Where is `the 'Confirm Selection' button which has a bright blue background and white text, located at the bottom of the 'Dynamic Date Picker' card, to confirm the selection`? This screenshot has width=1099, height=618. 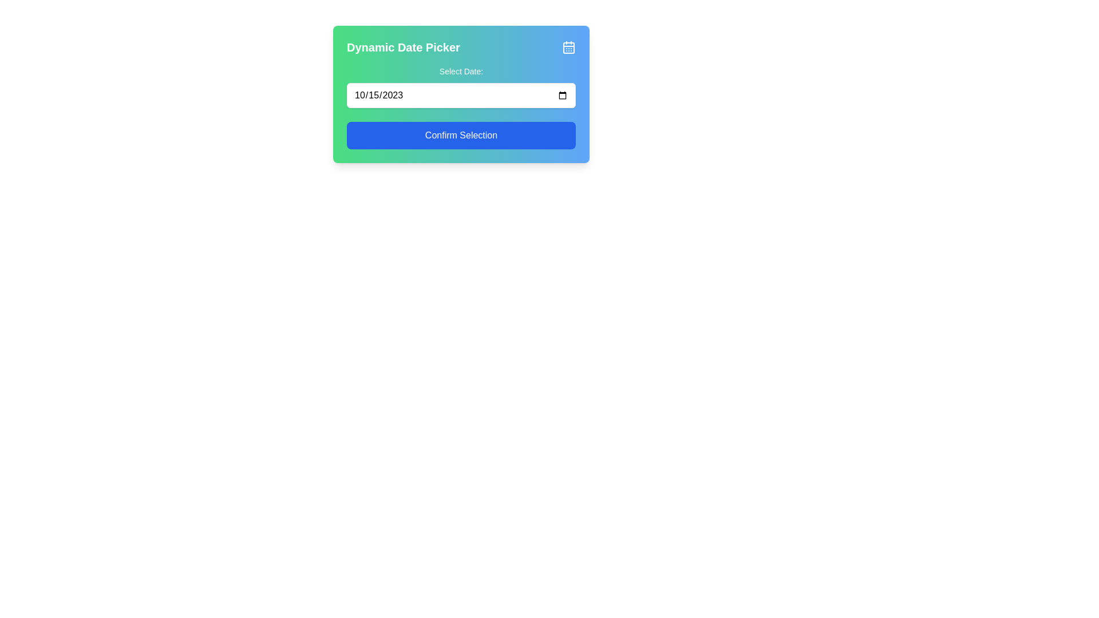 the 'Confirm Selection' button which has a bright blue background and white text, located at the bottom of the 'Dynamic Date Picker' card, to confirm the selection is located at coordinates (461, 134).